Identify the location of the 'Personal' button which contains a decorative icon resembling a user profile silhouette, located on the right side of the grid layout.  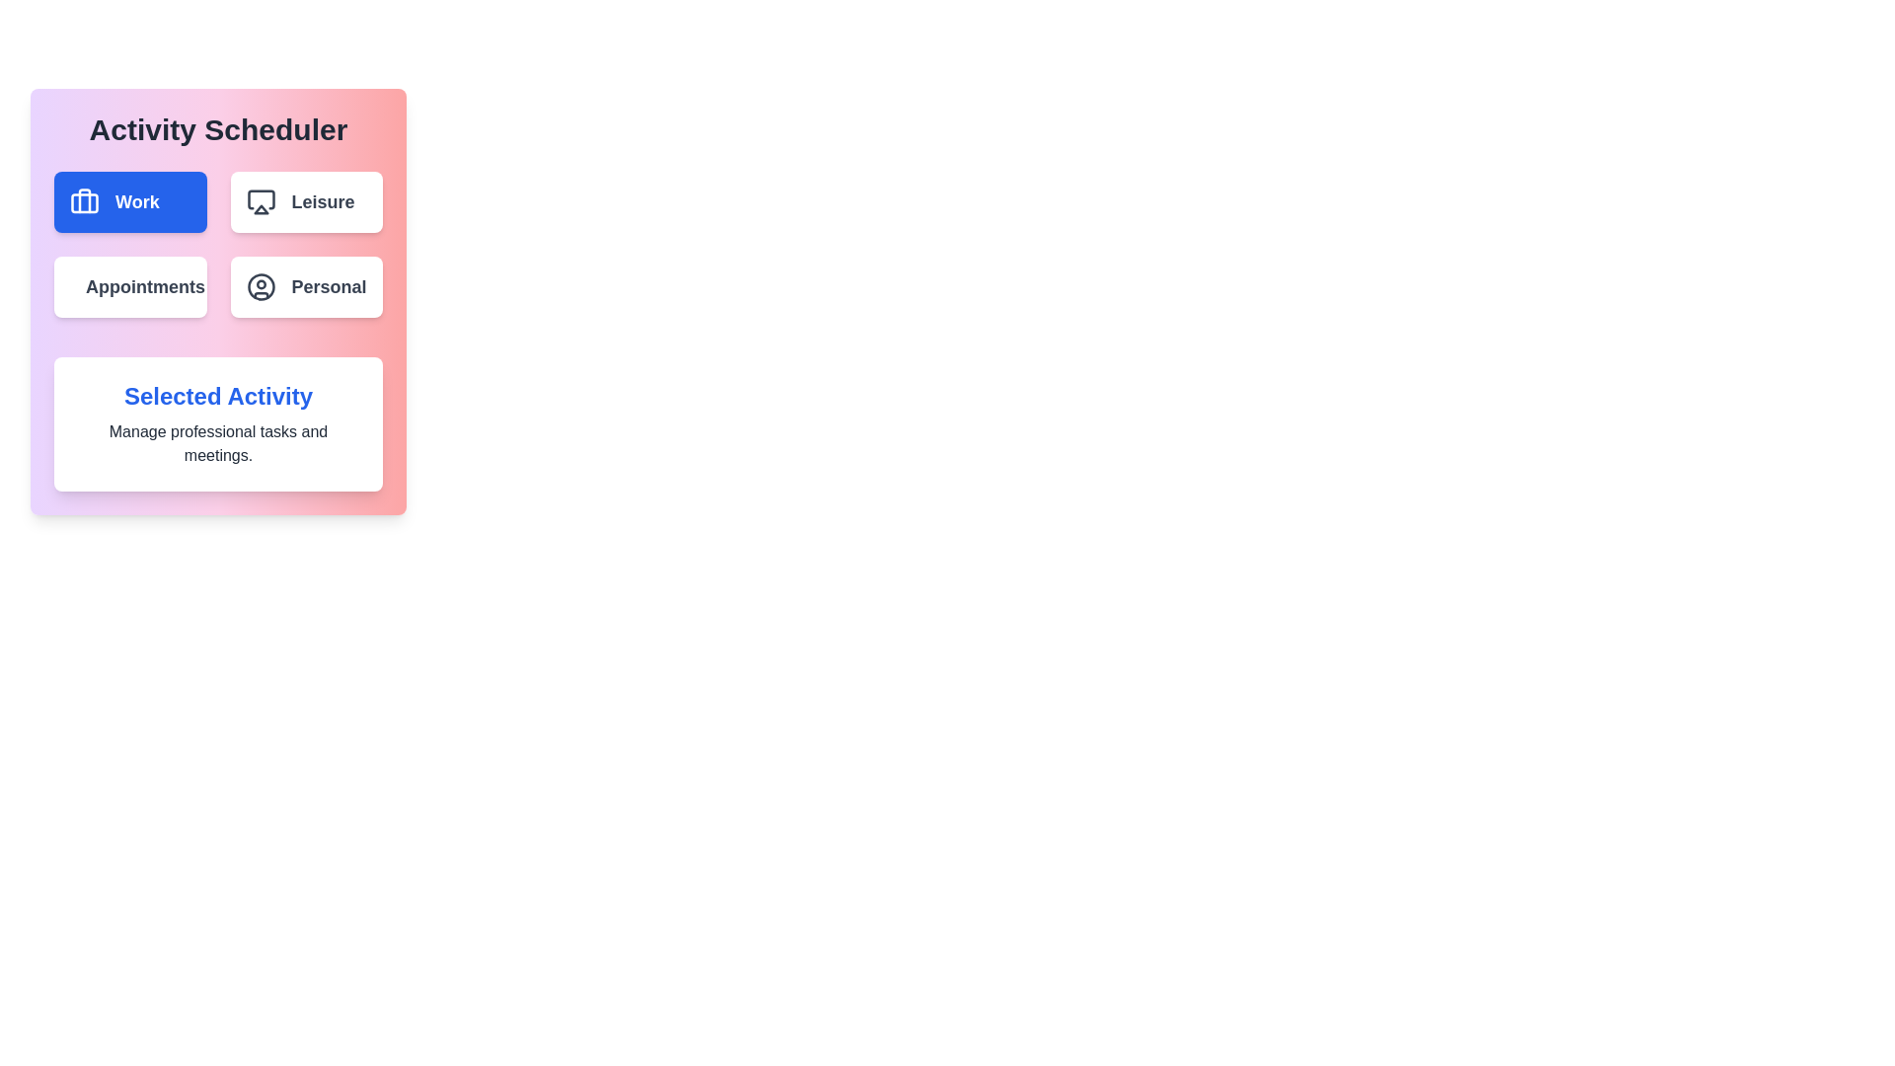
(260, 286).